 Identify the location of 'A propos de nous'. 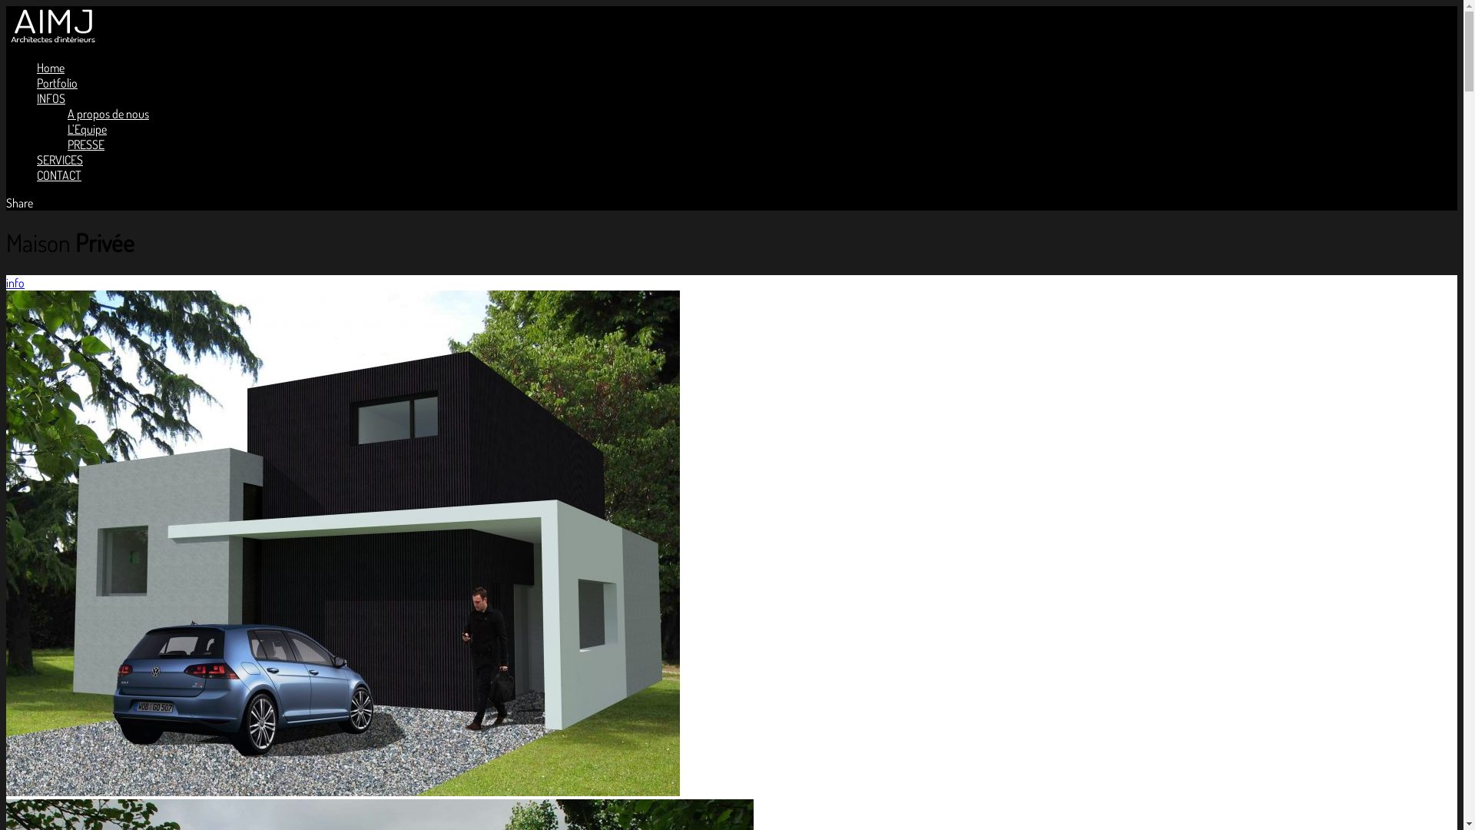
(107, 112).